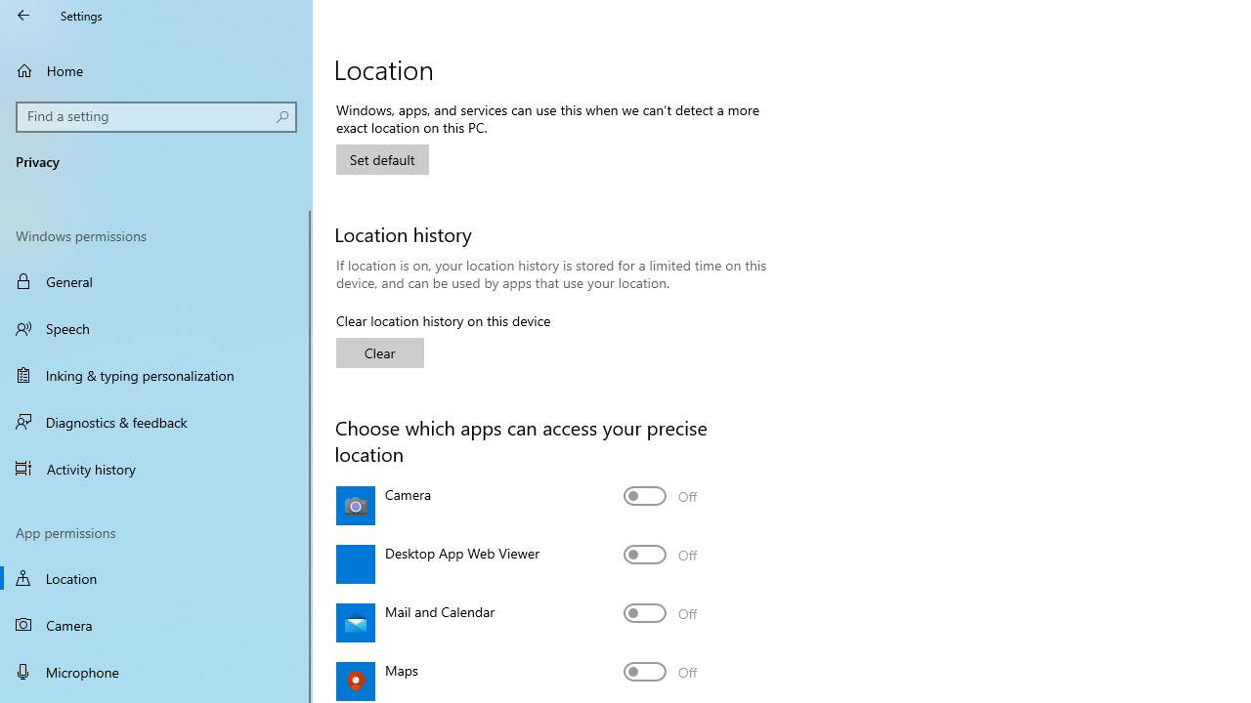 This screenshot has height=703, width=1251. I want to click on 'Diagnostics & feedback', so click(156, 421).